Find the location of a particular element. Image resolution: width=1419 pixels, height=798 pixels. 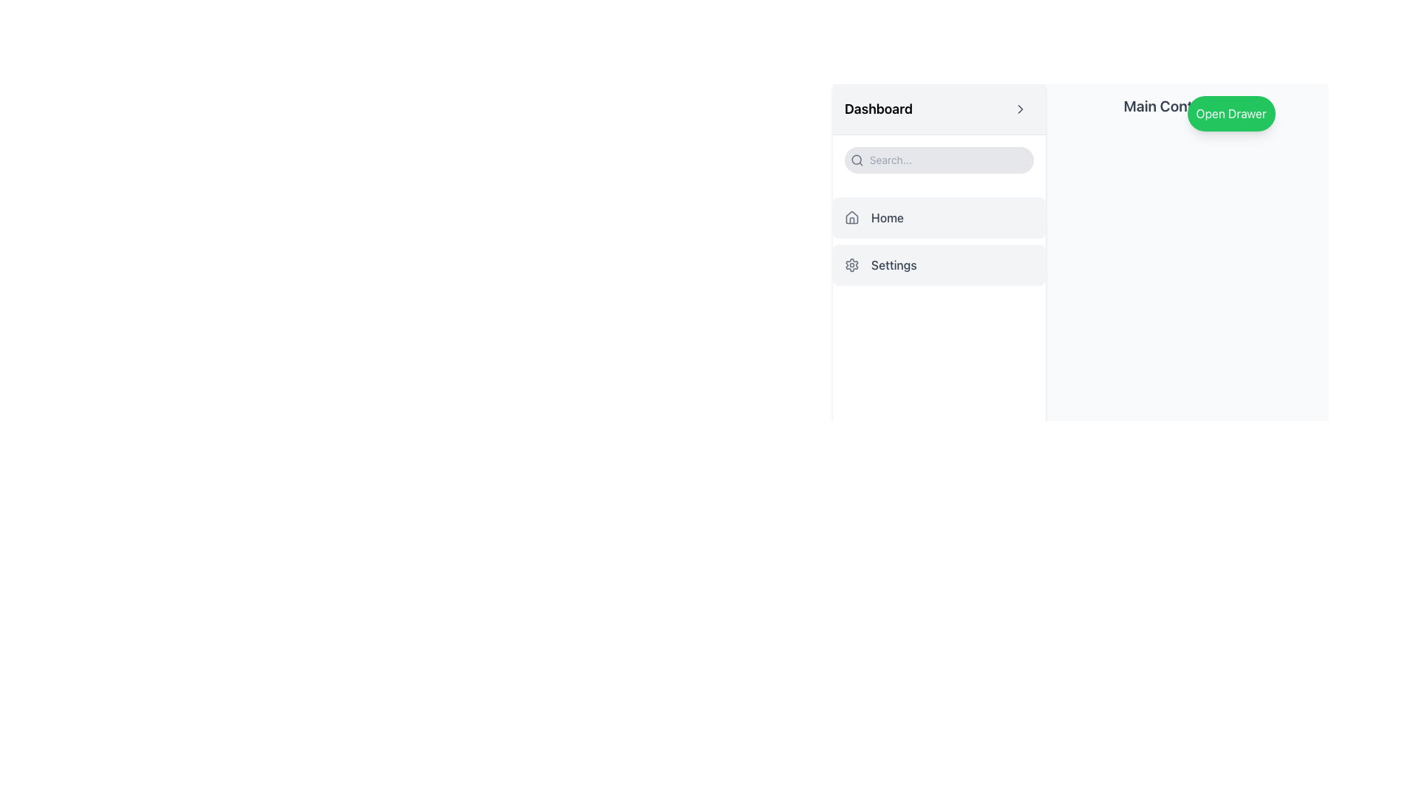

the Chevron right icon located in the top-right corner of the sidebar header, next to the 'Dashboard' label is located at coordinates (1020, 108).